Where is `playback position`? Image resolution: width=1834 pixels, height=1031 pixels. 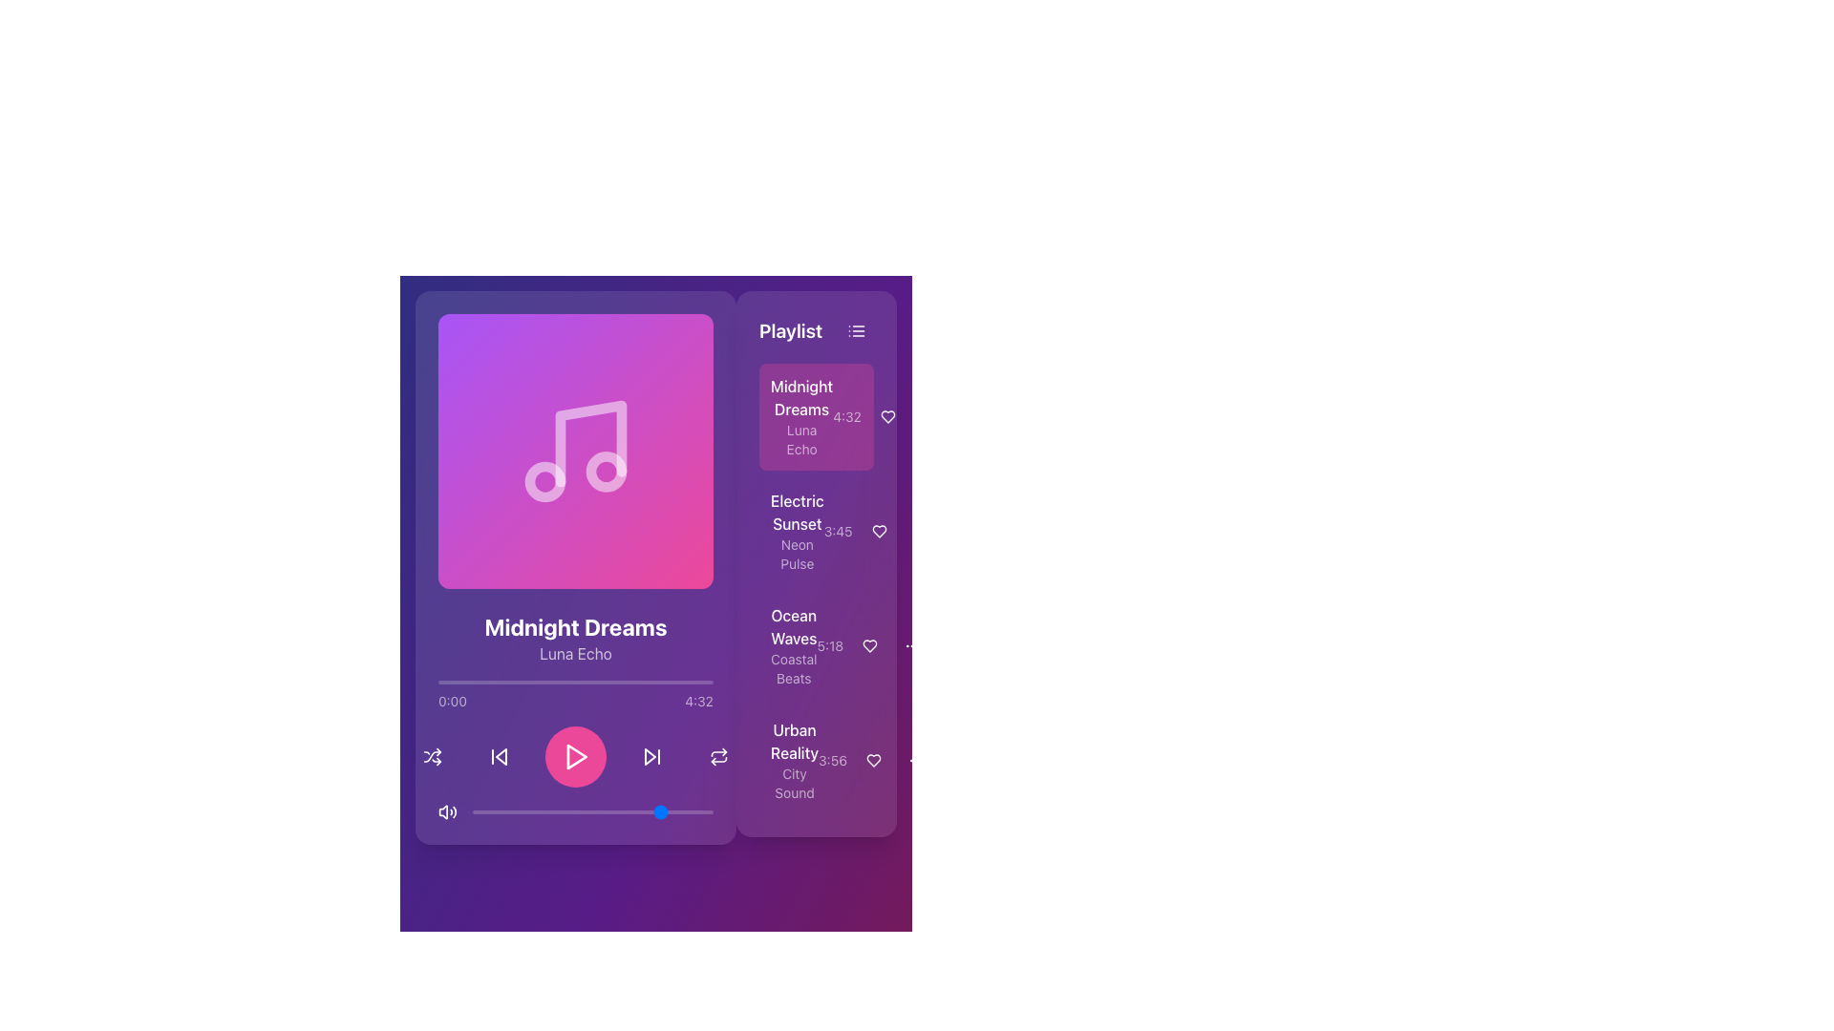
playback position is located at coordinates (535, 681).